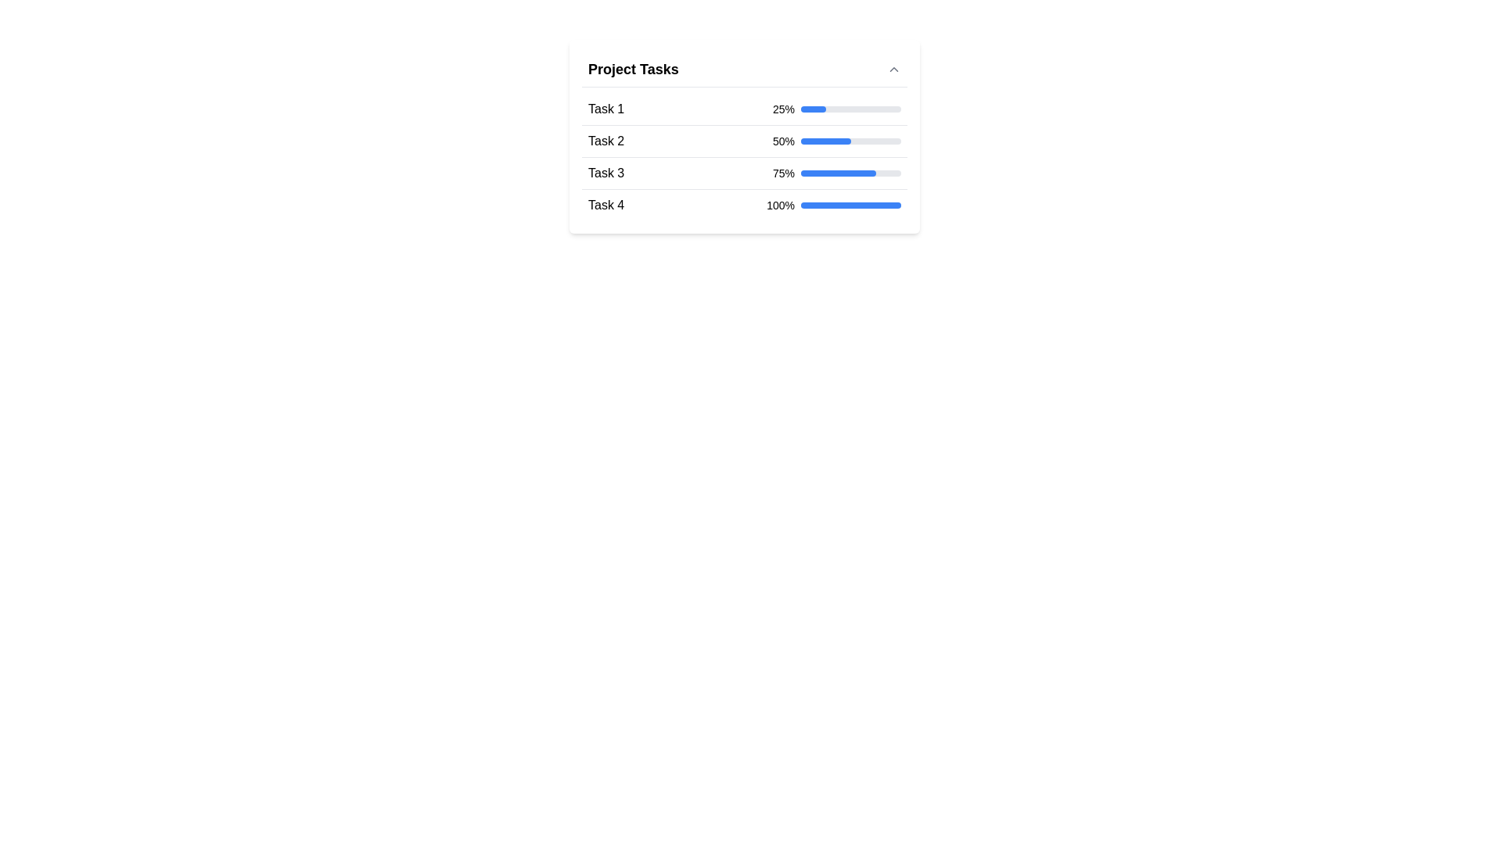 The width and height of the screenshot is (1502, 844). Describe the element at coordinates (833, 204) in the screenshot. I see `the progress bar information` at that location.